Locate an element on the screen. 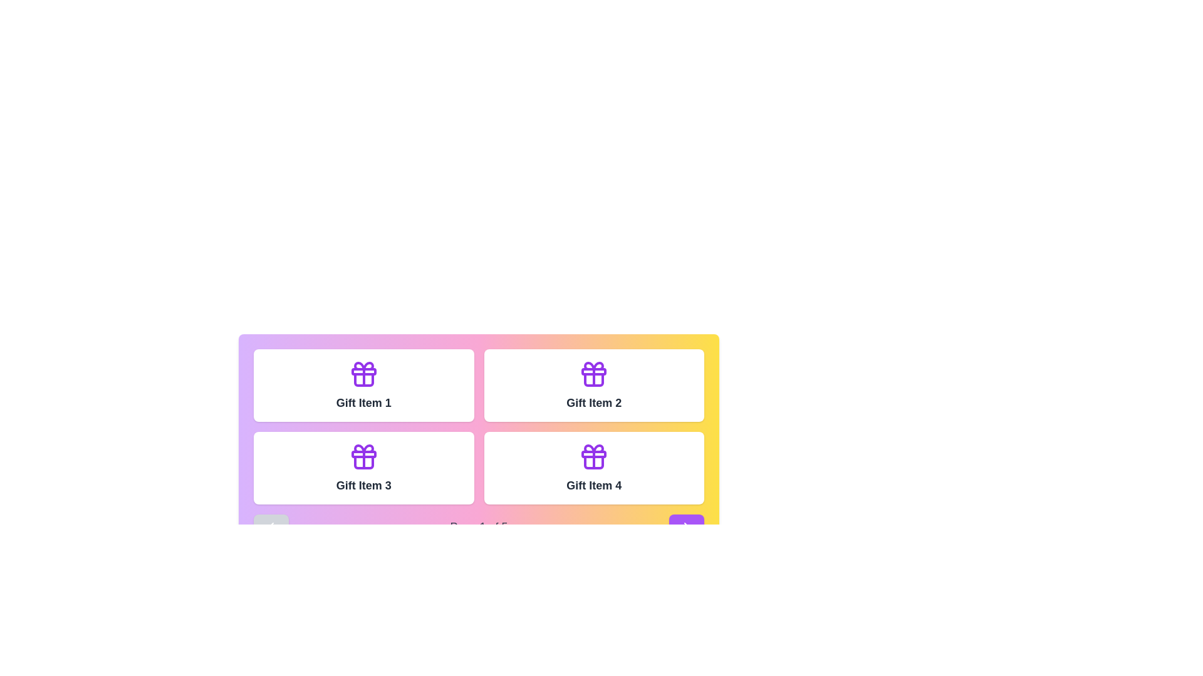  the decorative graphical element, which is a rectangular bar with rounded edges located centrally within the gift box icon above the text label 'Gift Item 1' is located at coordinates (363, 371).